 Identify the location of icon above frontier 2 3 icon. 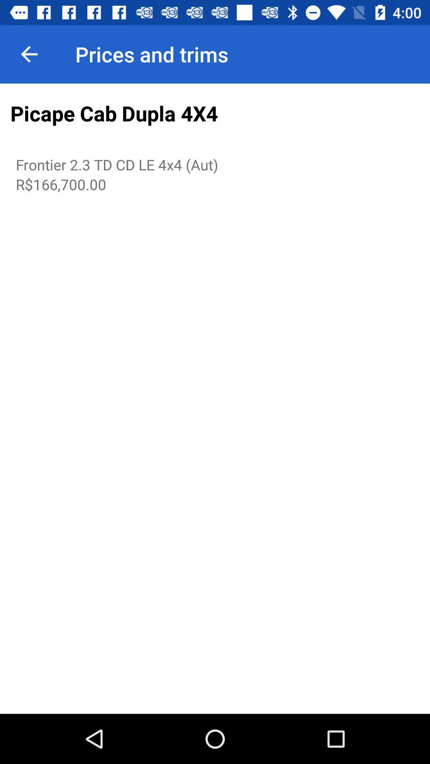
(215, 113).